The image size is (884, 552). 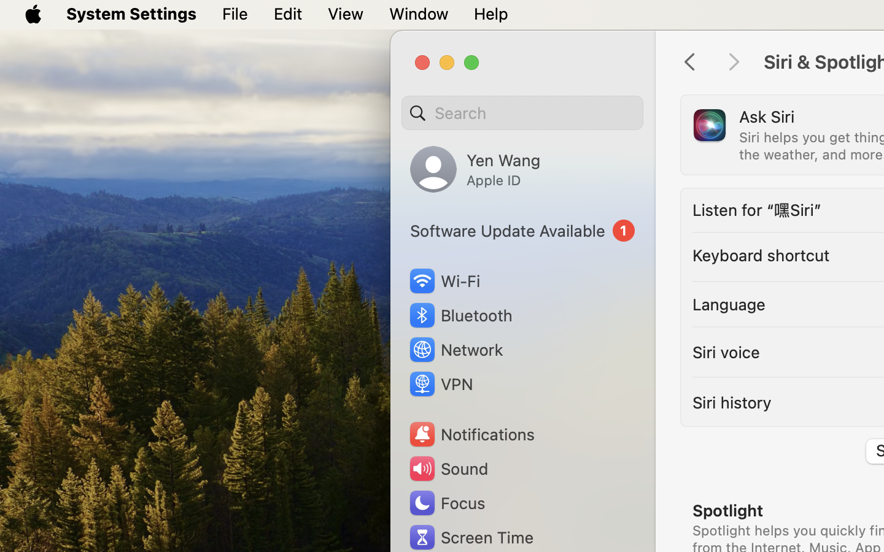 What do you see at coordinates (756, 210) in the screenshot?
I see `'Listen for “嘿Siri”'` at bounding box center [756, 210].